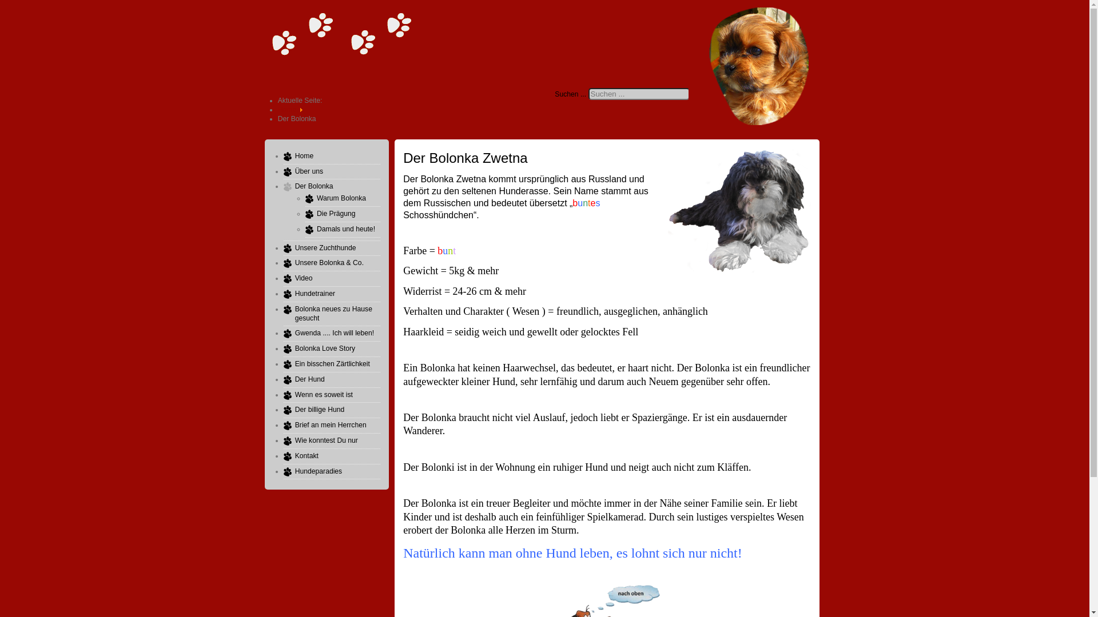 Image resolution: width=1098 pixels, height=617 pixels. Describe the element at coordinates (295, 440) in the screenshot. I see `'Wie konntest Du nur'` at that location.